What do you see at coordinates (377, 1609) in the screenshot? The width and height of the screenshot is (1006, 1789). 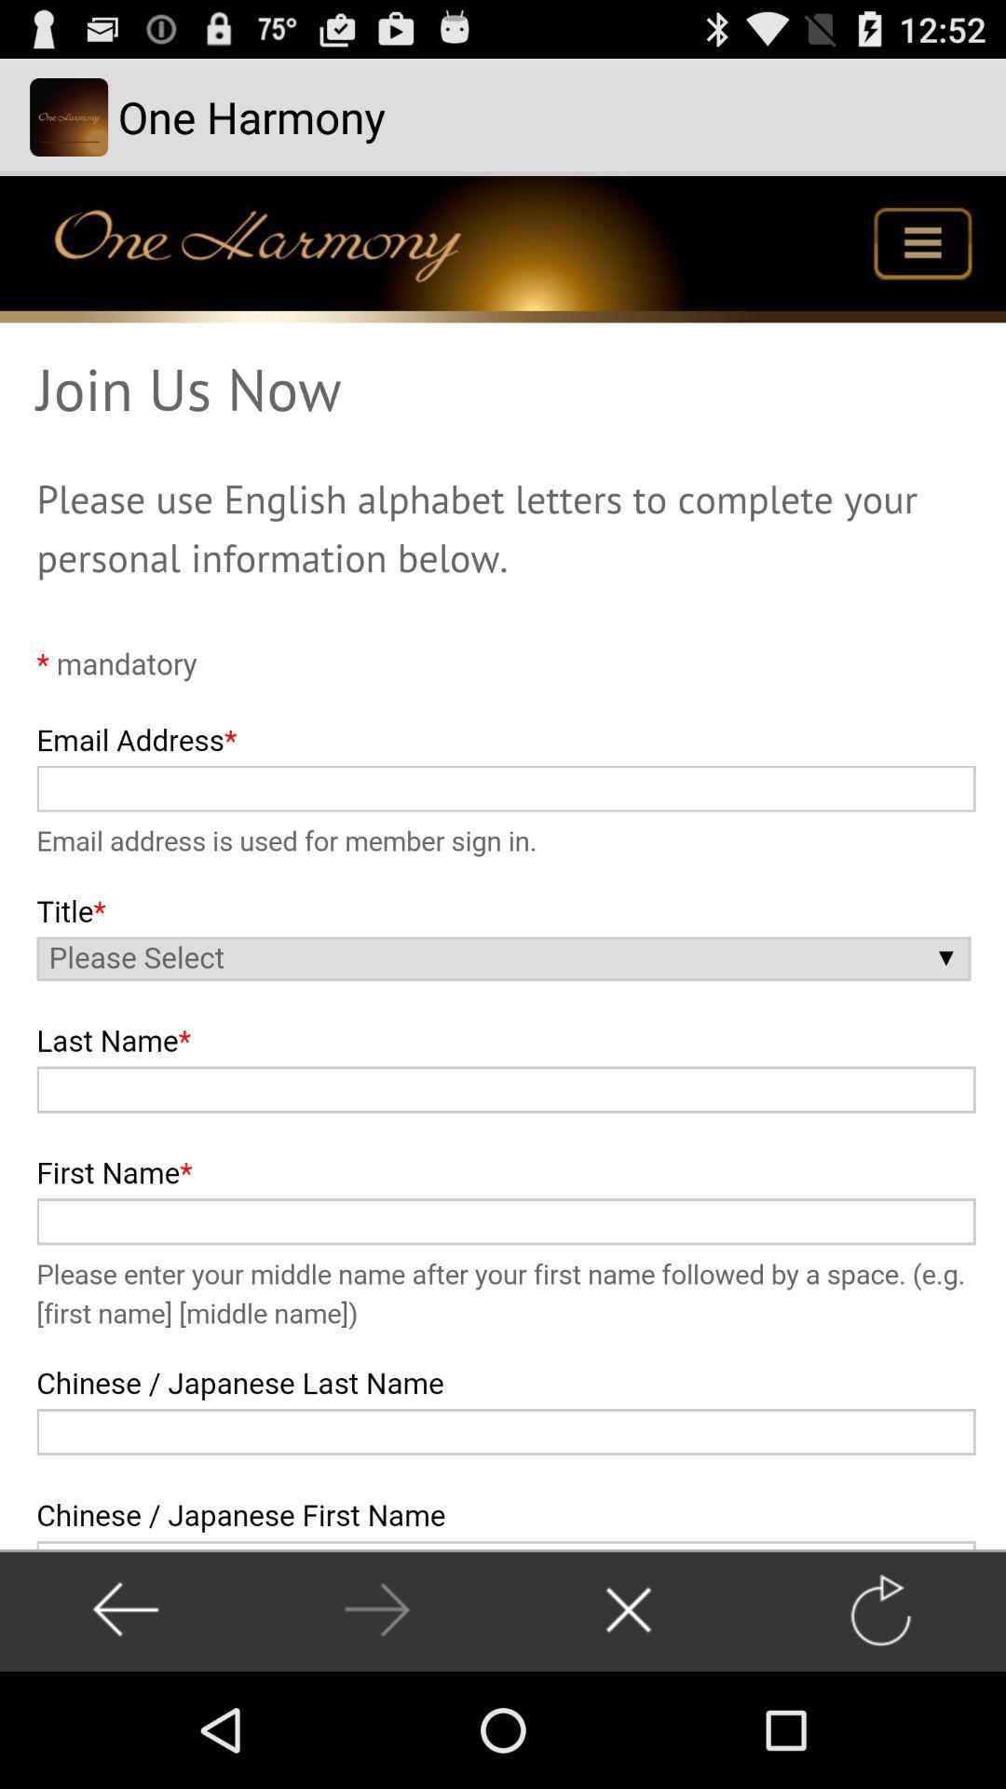 I see `previous` at bounding box center [377, 1609].